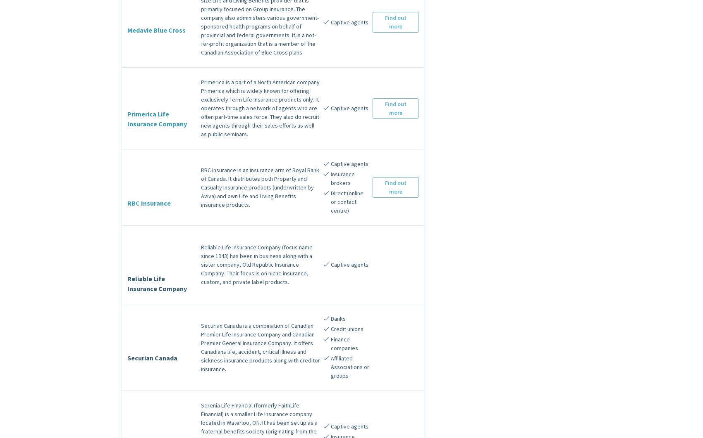 The image size is (703, 438). I want to click on 'Finance companies', so click(330, 343).